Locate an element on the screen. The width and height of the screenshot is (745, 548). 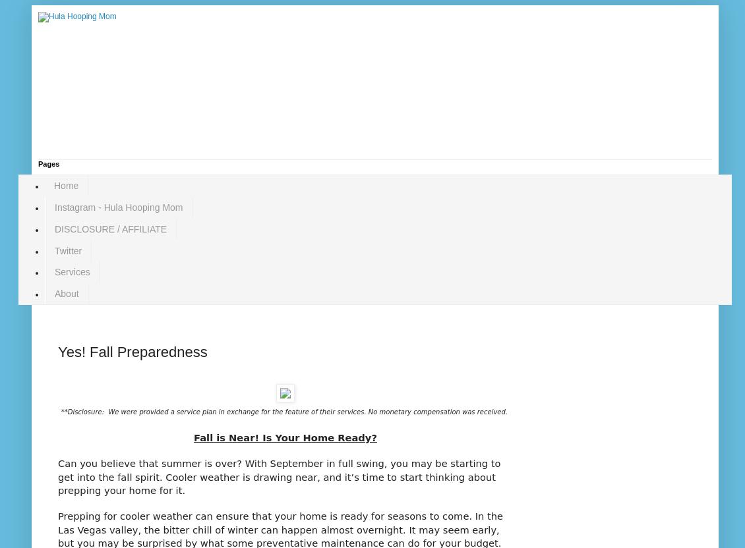
'About' is located at coordinates (67, 294).